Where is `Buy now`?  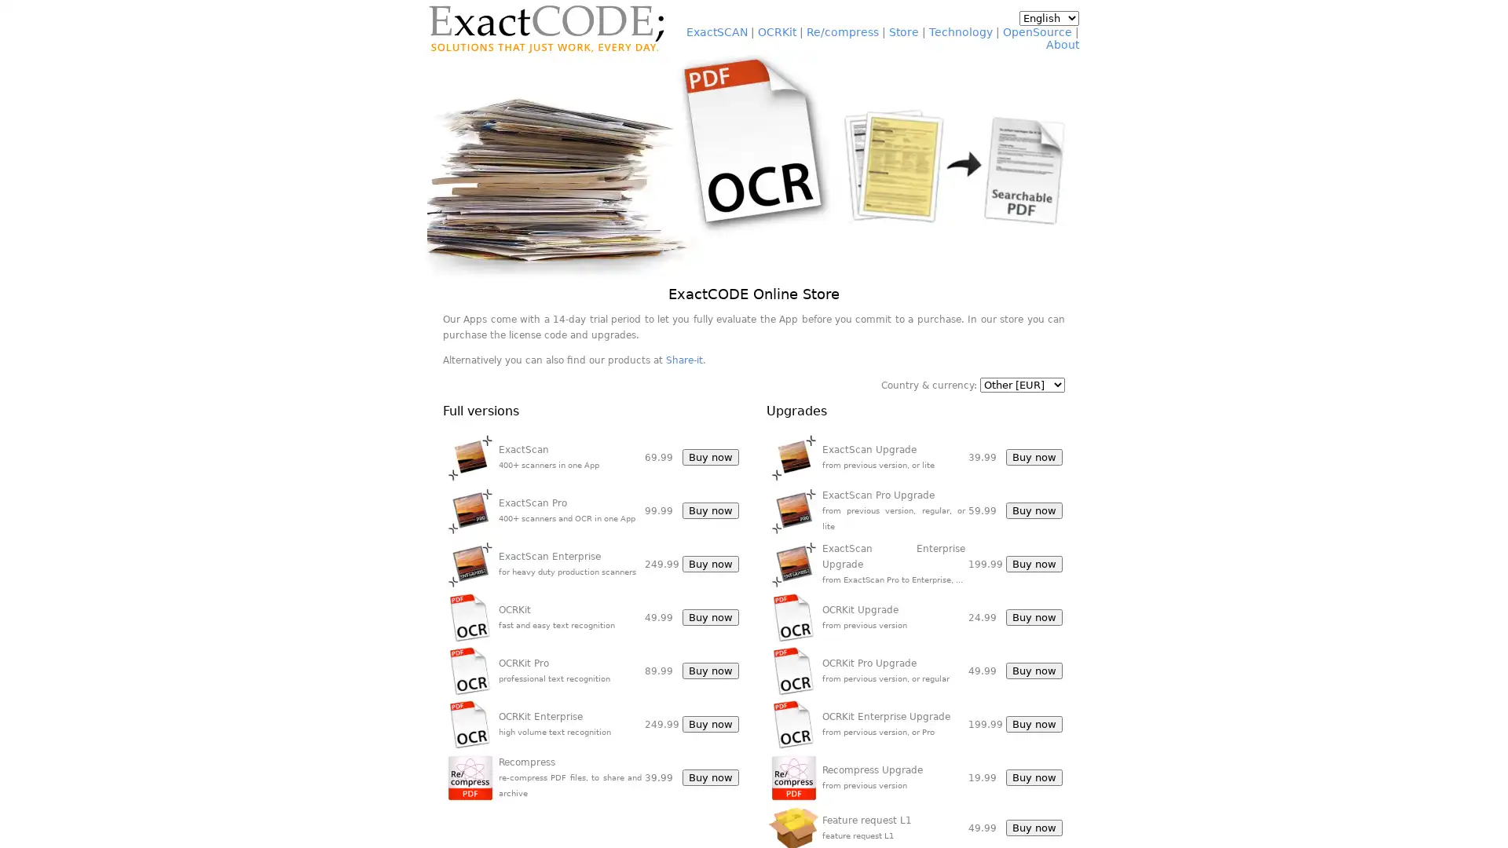 Buy now is located at coordinates (1033, 724).